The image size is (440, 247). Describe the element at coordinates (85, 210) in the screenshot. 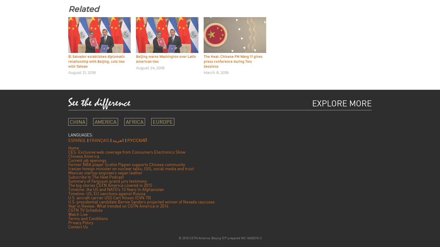

I see `'CGTN TV Schedule'` at that location.